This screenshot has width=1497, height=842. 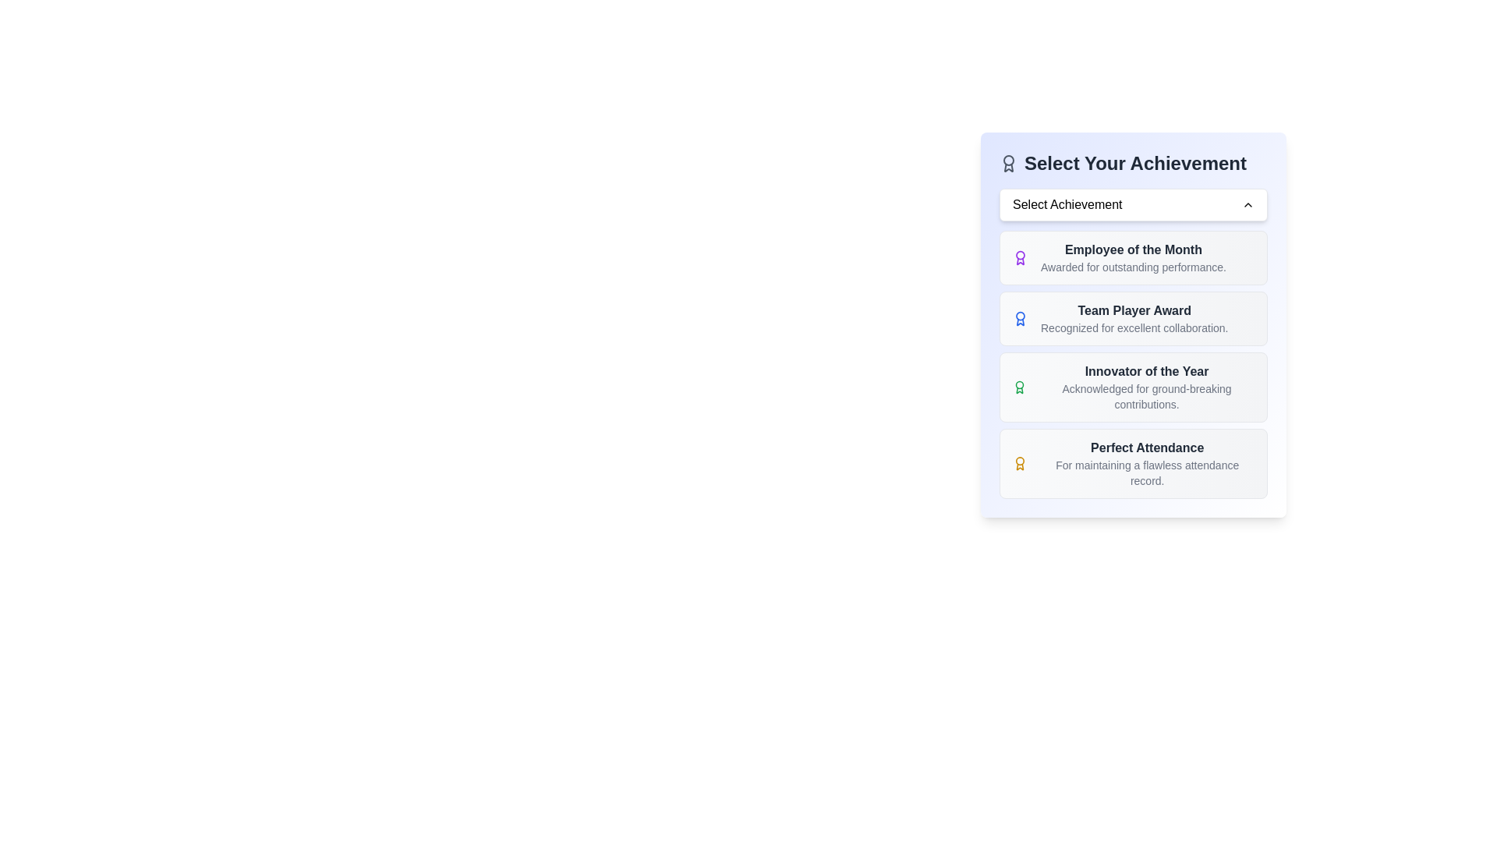 What do you see at coordinates (1134, 317) in the screenshot?
I see `text of the 'Team Player Award' element, which is the second option in the list under 'Select Your Achievement'` at bounding box center [1134, 317].